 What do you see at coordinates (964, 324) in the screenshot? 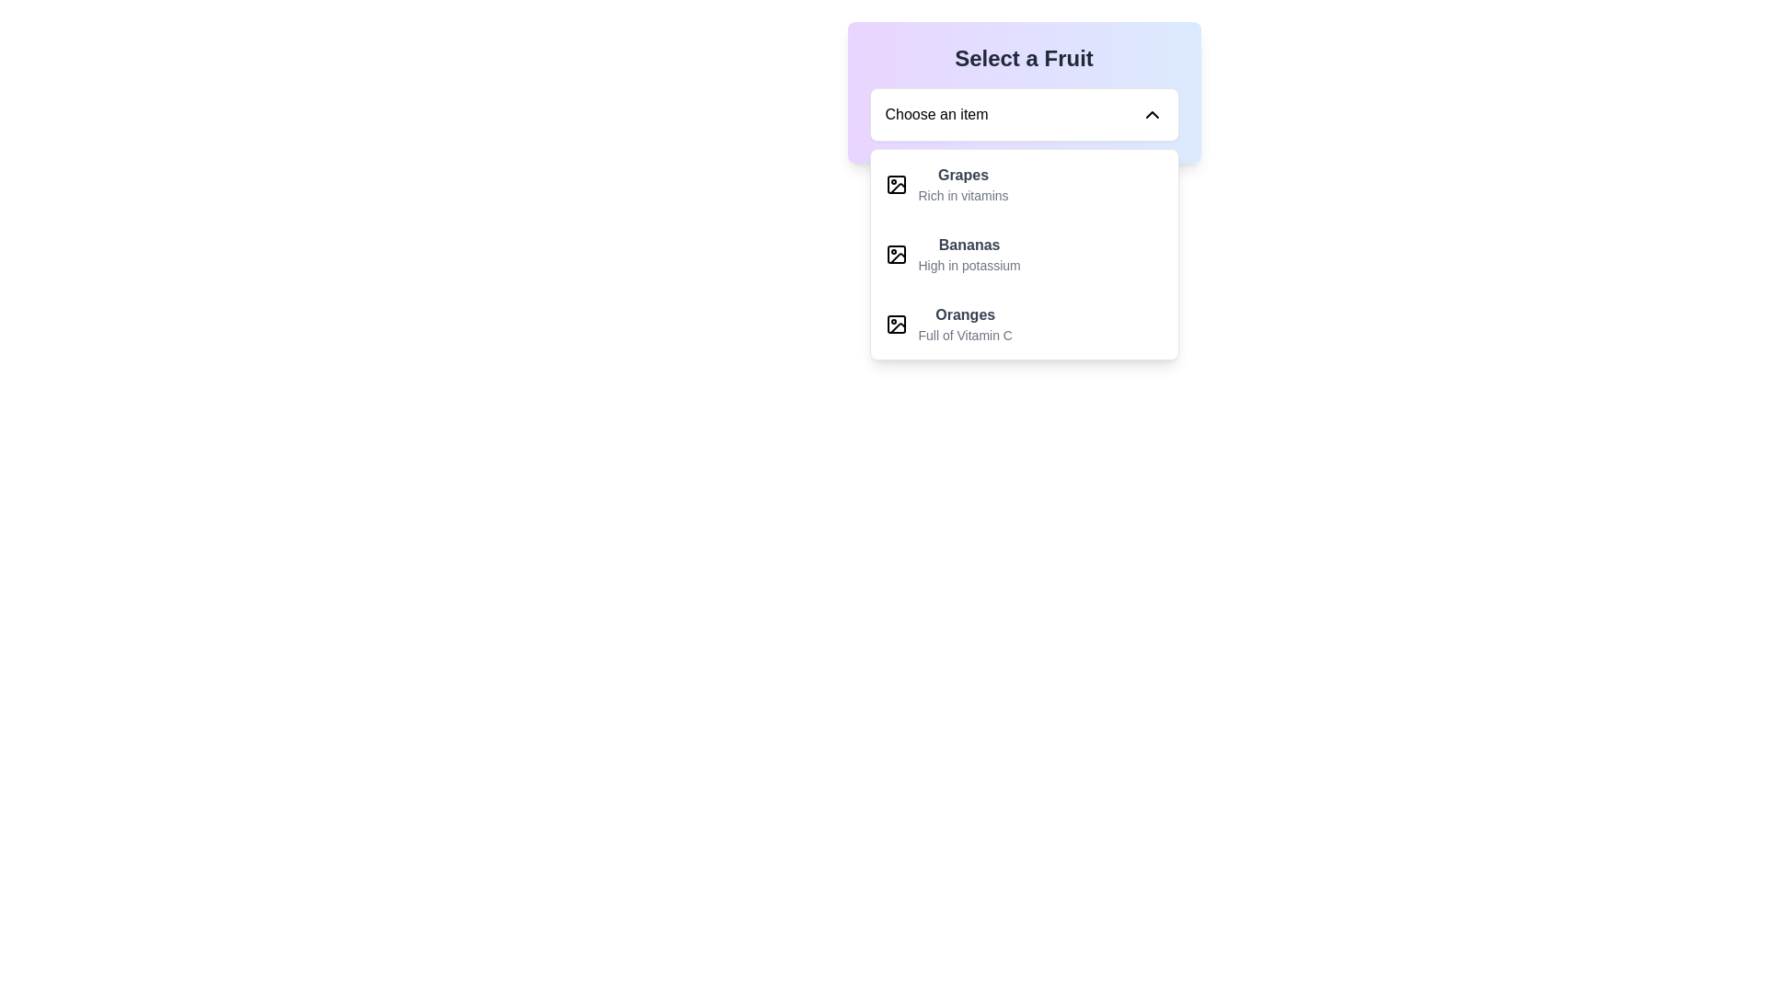
I see `the dropdown menu item labeled 'Oranges'` at bounding box center [964, 324].